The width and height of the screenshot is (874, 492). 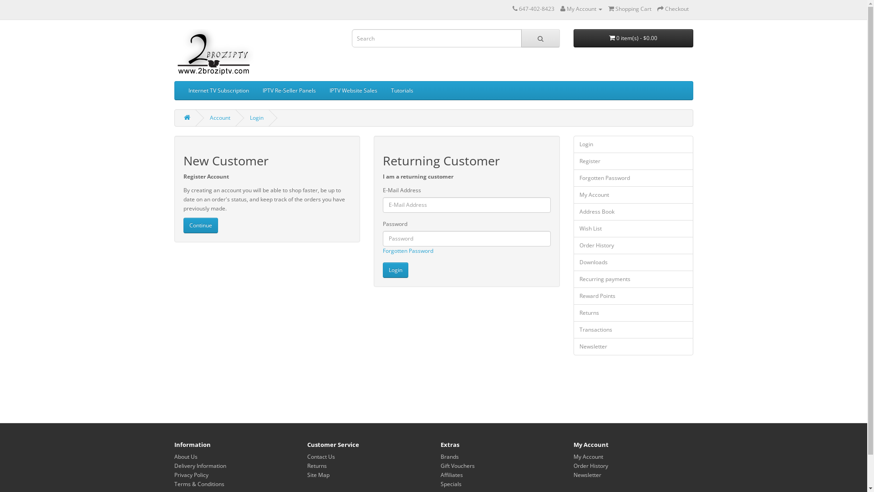 I want to click on 'Continue', so click(x=200, y=225).